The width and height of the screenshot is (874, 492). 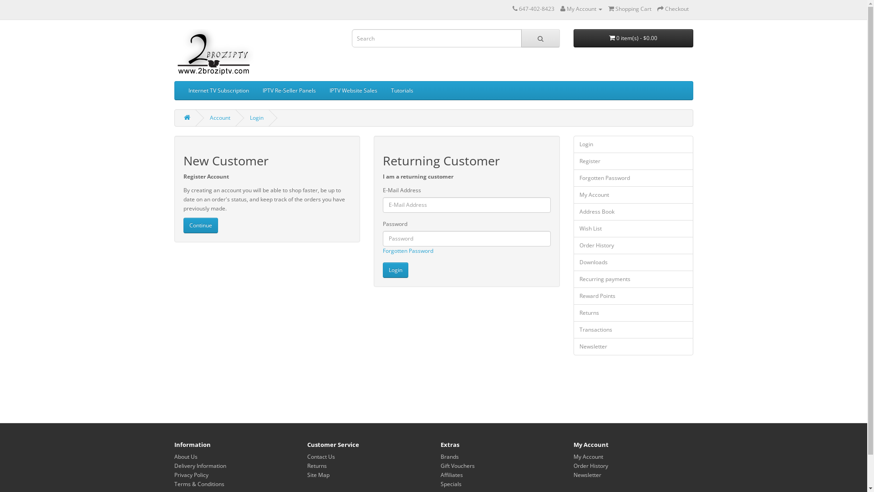 I want to click on 'Continue', so click(x=200, y=225).